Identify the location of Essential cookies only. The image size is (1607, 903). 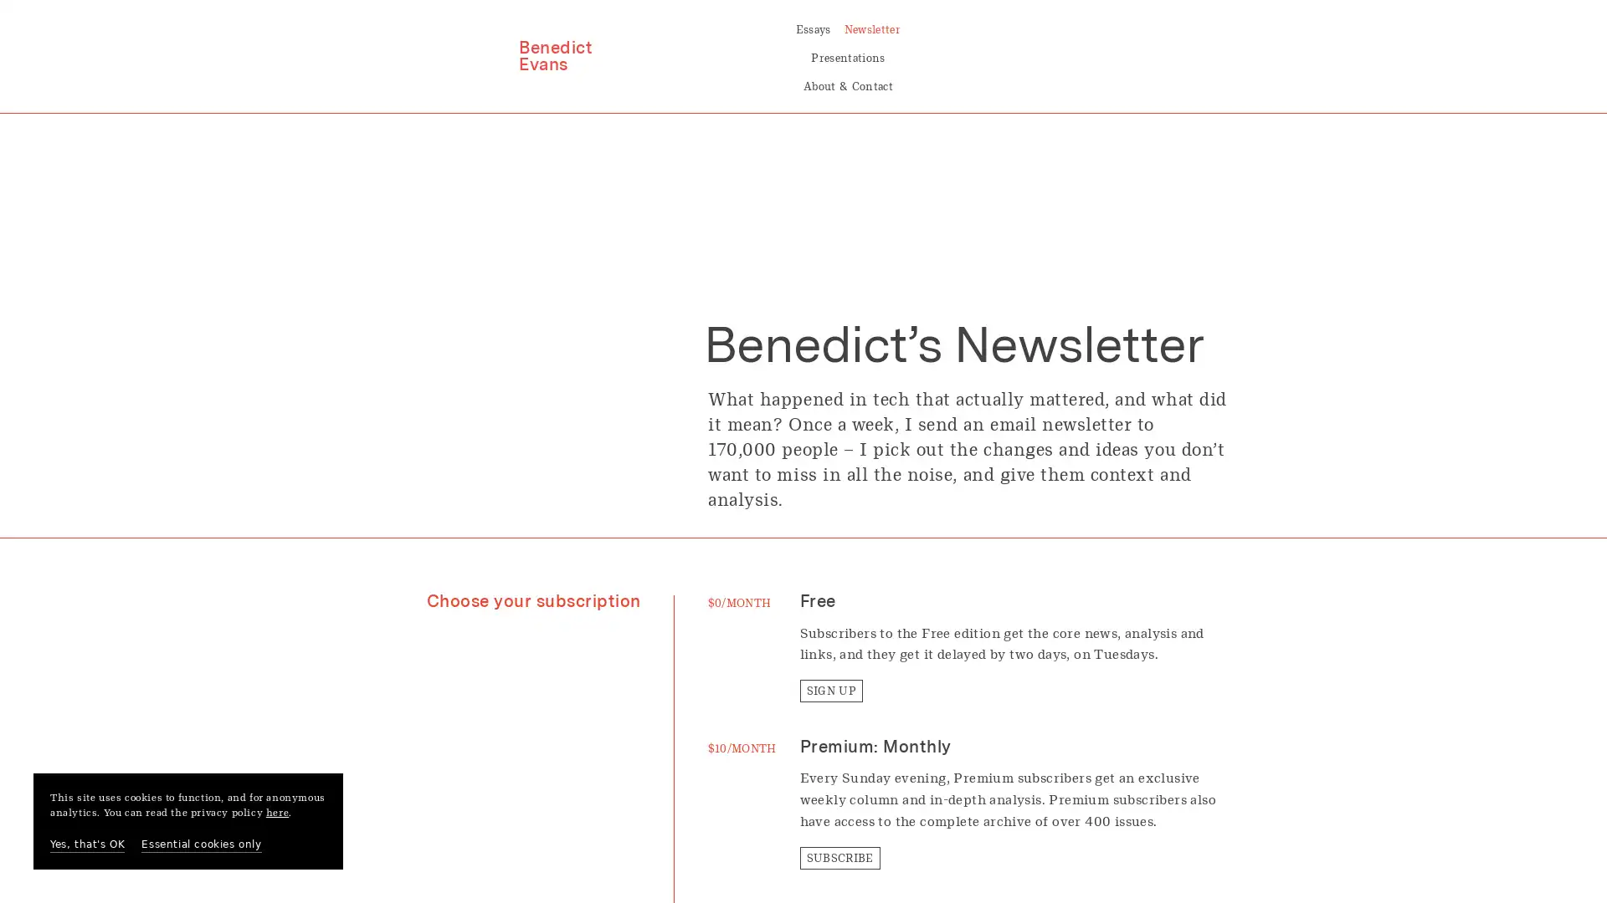
(201, 844).